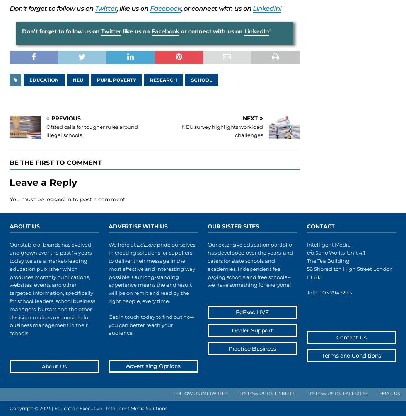 The height and width of the screenshot is (416, 406). What do you see at coordinates (243, 118) in the screenshot?
I see `'Next'` at bounding box center [243, 118].